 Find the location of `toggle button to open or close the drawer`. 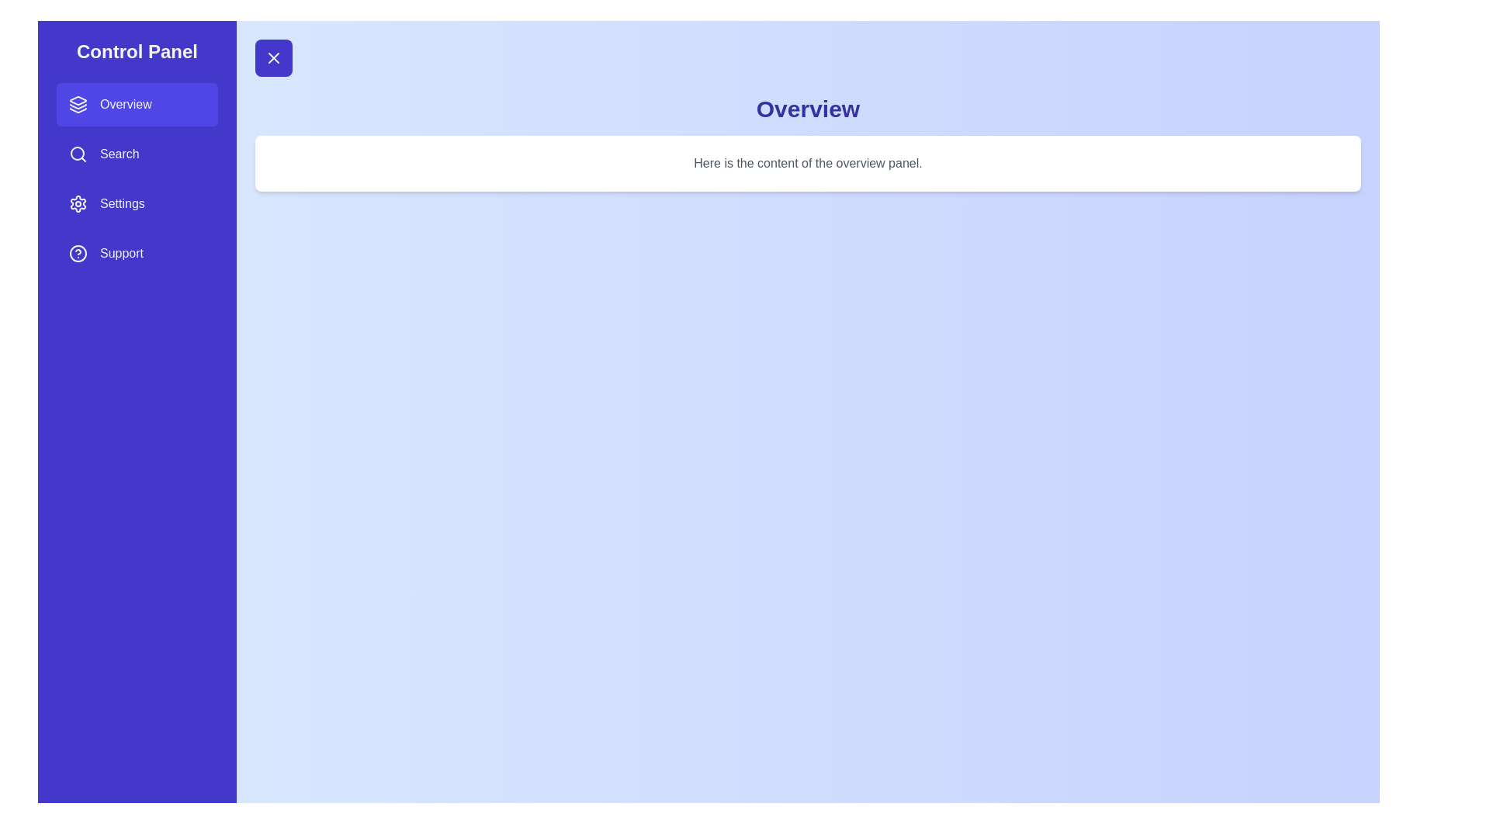

toggle button to open or close the drawer is located at coordinates (274, 57).